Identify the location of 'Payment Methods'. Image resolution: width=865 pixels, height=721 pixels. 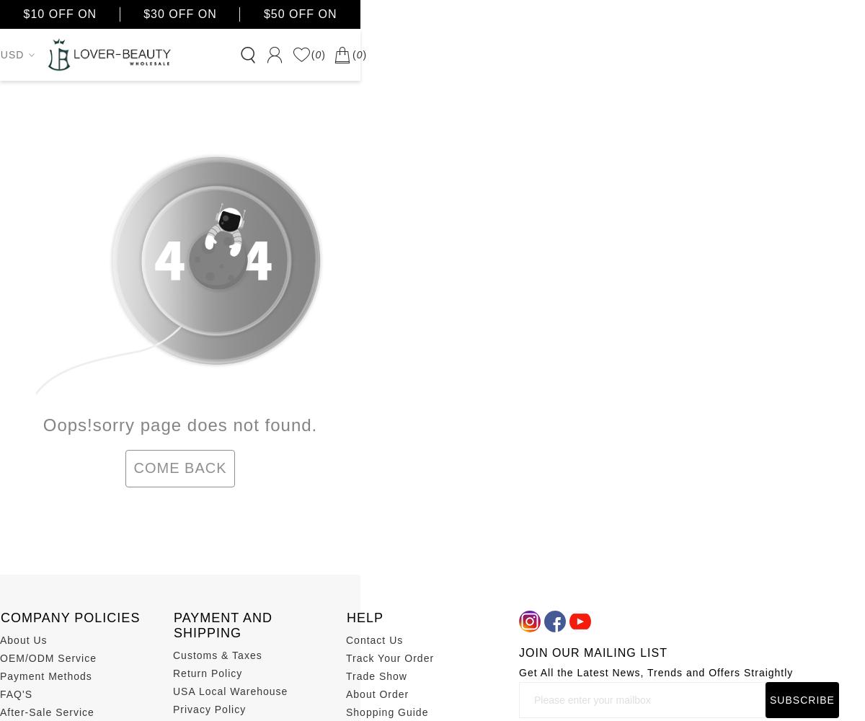
(45, 676).